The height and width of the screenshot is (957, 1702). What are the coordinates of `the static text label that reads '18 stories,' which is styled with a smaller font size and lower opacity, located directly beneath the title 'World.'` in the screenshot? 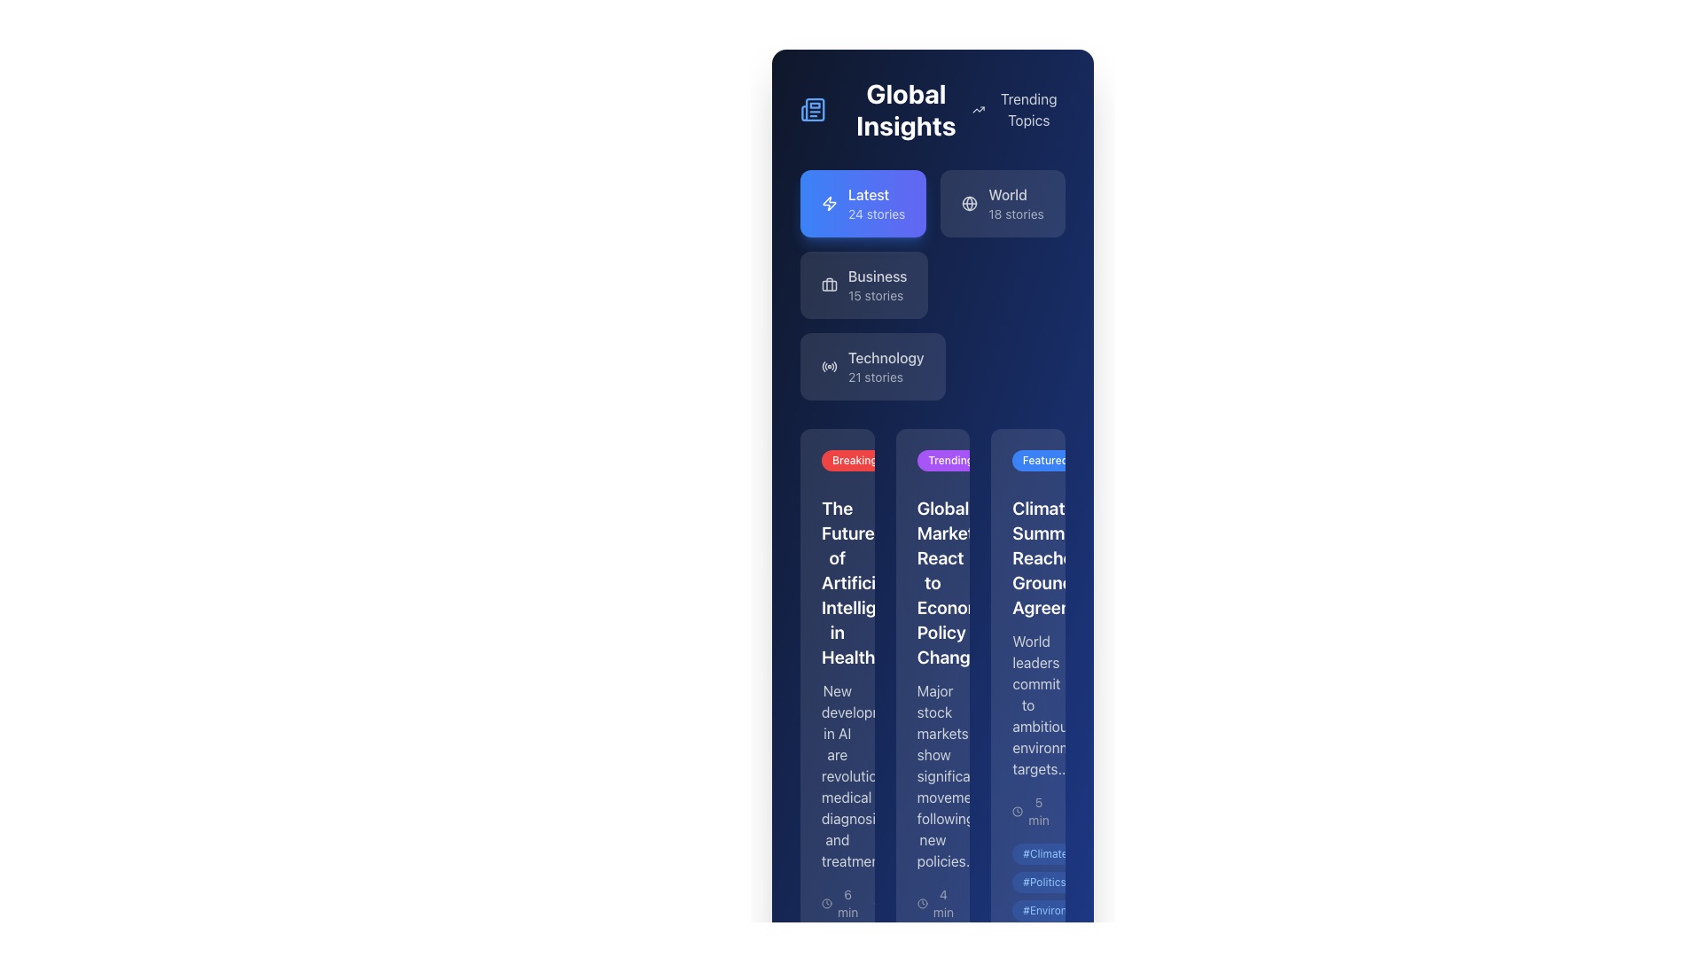 It's located at (1016, 214).